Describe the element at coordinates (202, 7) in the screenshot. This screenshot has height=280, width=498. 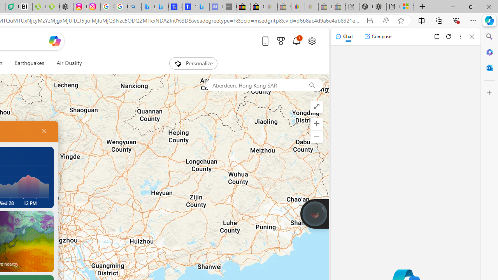
I see `'Microsoft Bing Travel - Shangri-La Hotel Bangkok'` at that location.